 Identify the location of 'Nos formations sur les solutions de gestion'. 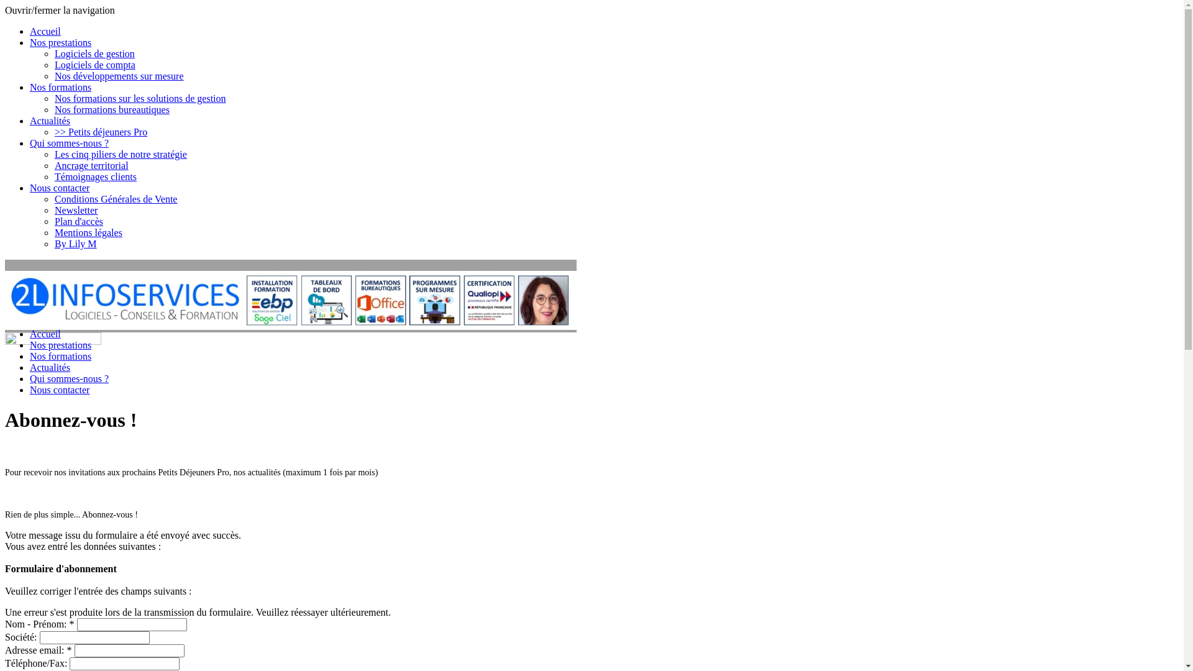
(53, 98).